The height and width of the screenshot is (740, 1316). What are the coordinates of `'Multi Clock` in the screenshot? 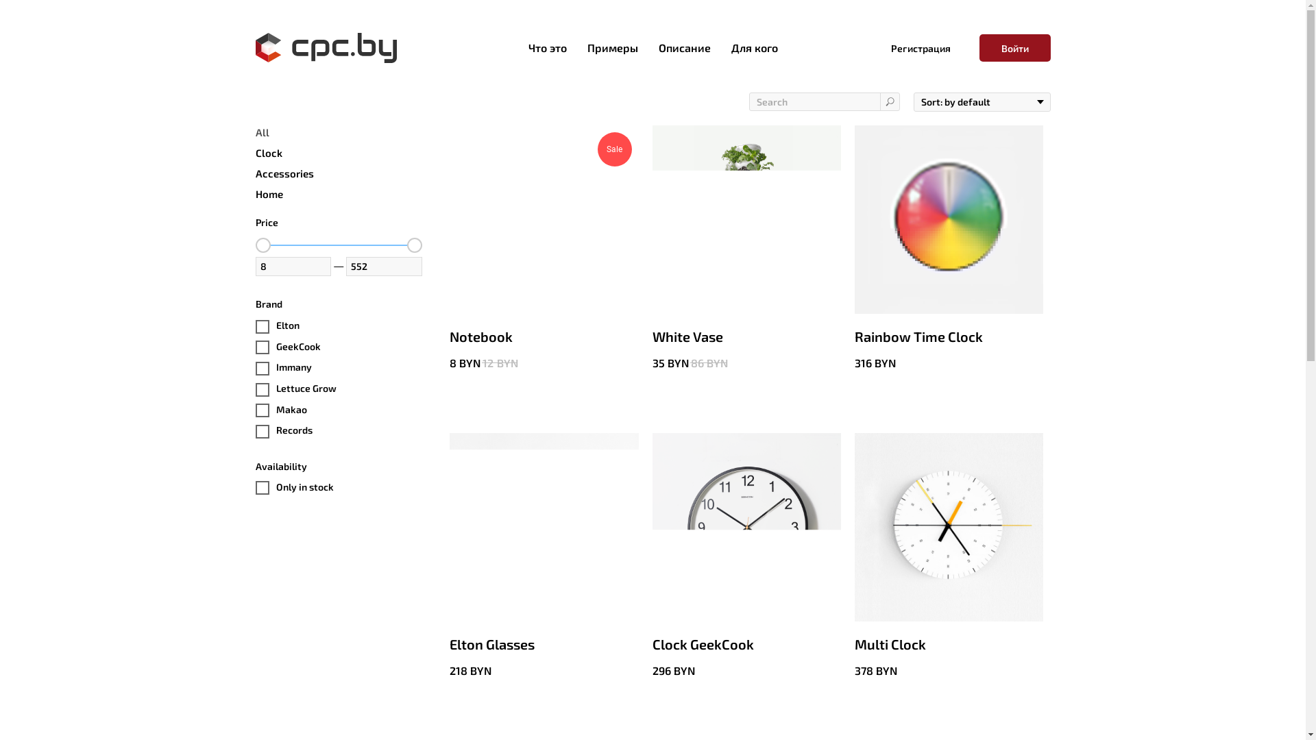 It's located at (948, 556).